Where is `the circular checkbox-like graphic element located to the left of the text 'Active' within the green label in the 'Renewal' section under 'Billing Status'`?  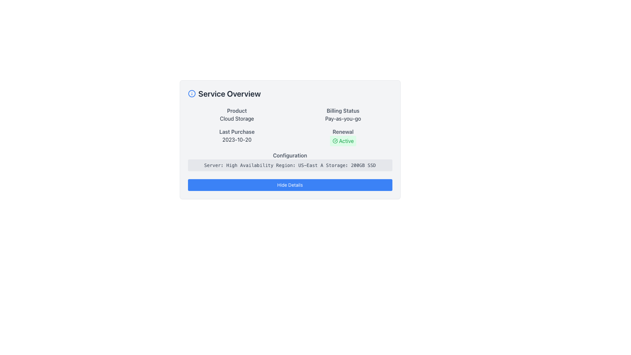 the circular checkbox-like graphic element located to the left of the text 'Active' within the green label in the 'Renewal' section under 'Billing Status' is located at coordinates (335, 140).